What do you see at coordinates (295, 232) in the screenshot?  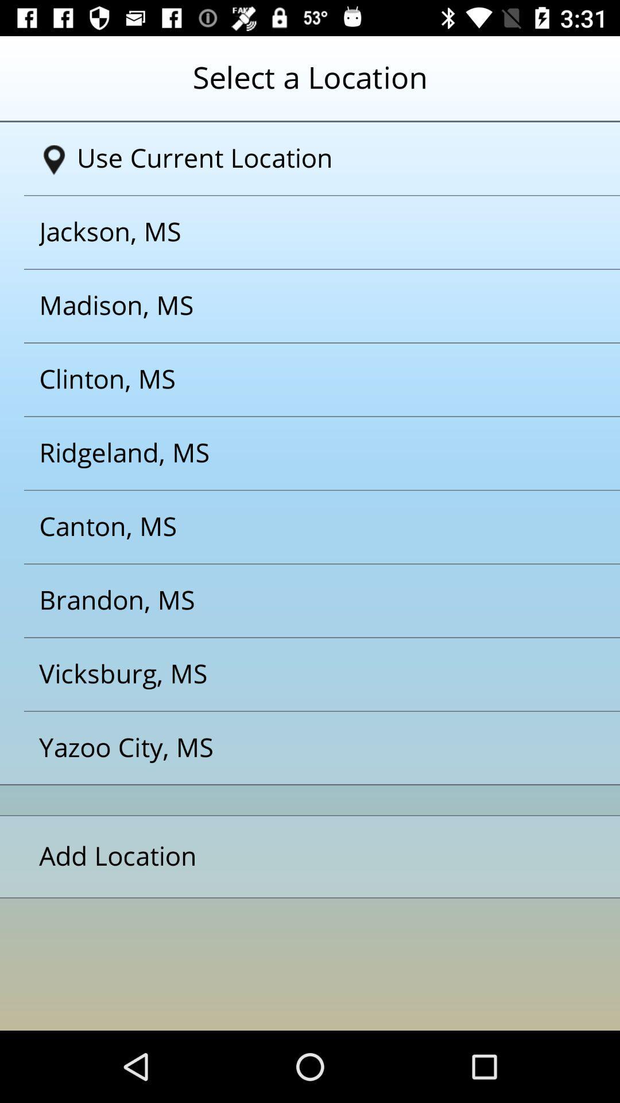 I see `the button jacksonms on the web page` at bounding box center [295, 232].